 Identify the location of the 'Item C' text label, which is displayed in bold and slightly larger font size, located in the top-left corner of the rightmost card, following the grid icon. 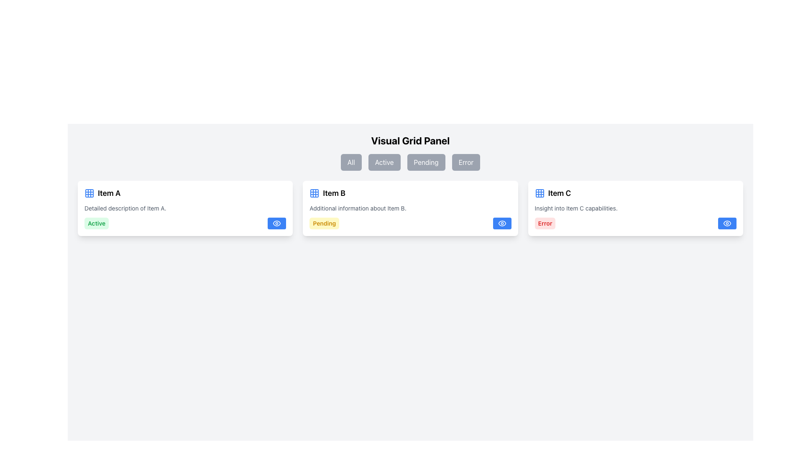
(552, 193).